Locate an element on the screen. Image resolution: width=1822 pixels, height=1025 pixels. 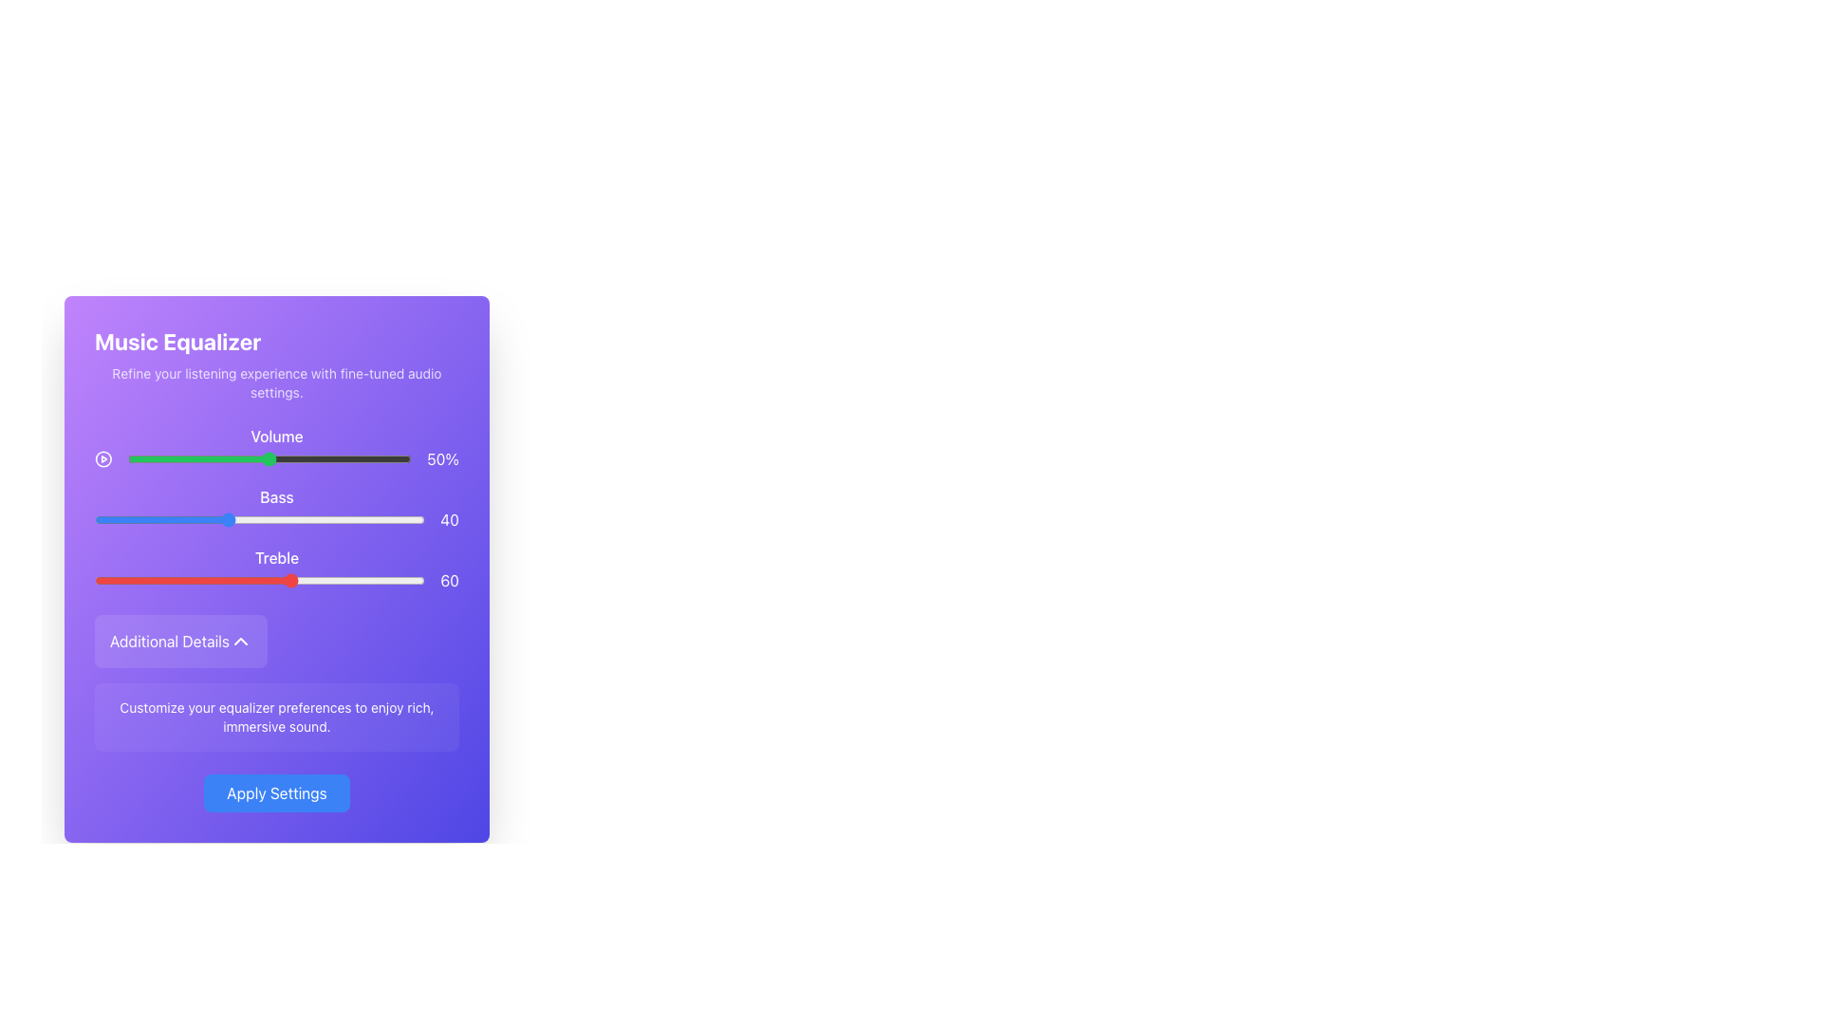
the Treble is located at coordinates (200, 580).